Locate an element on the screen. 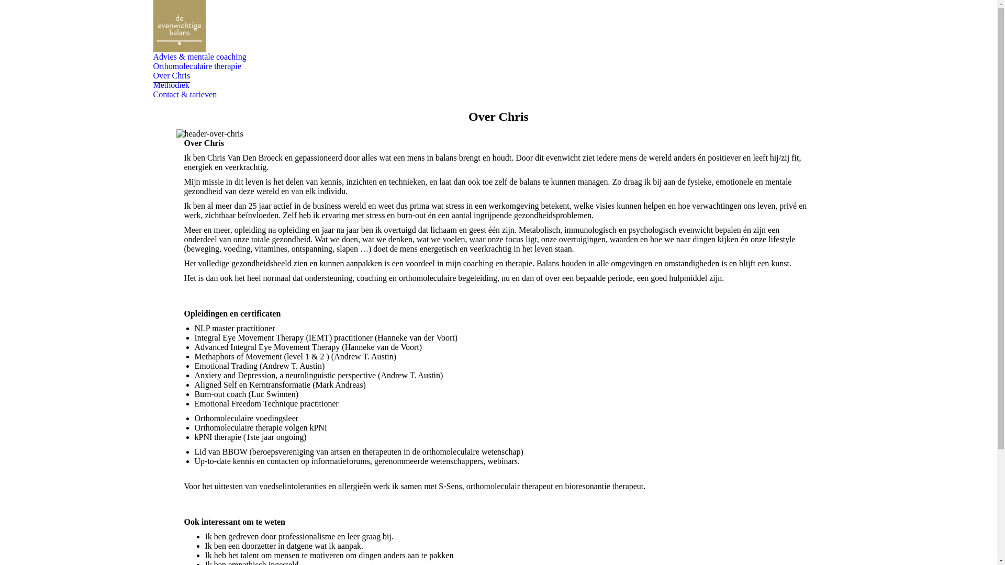 This screenshot has height=565, width=1005. 'Over Chris' is located at coordinates (171, 75).